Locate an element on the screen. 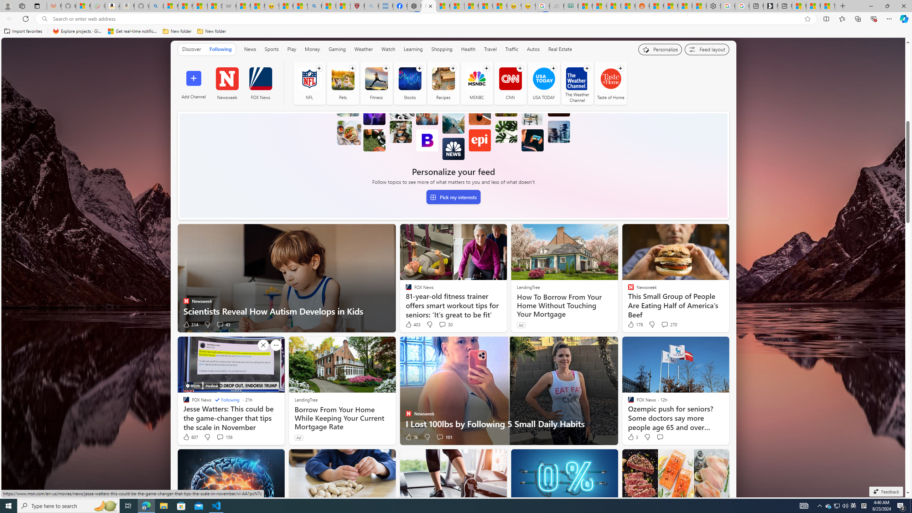  'Autos' is located at coordinates (533, 49).